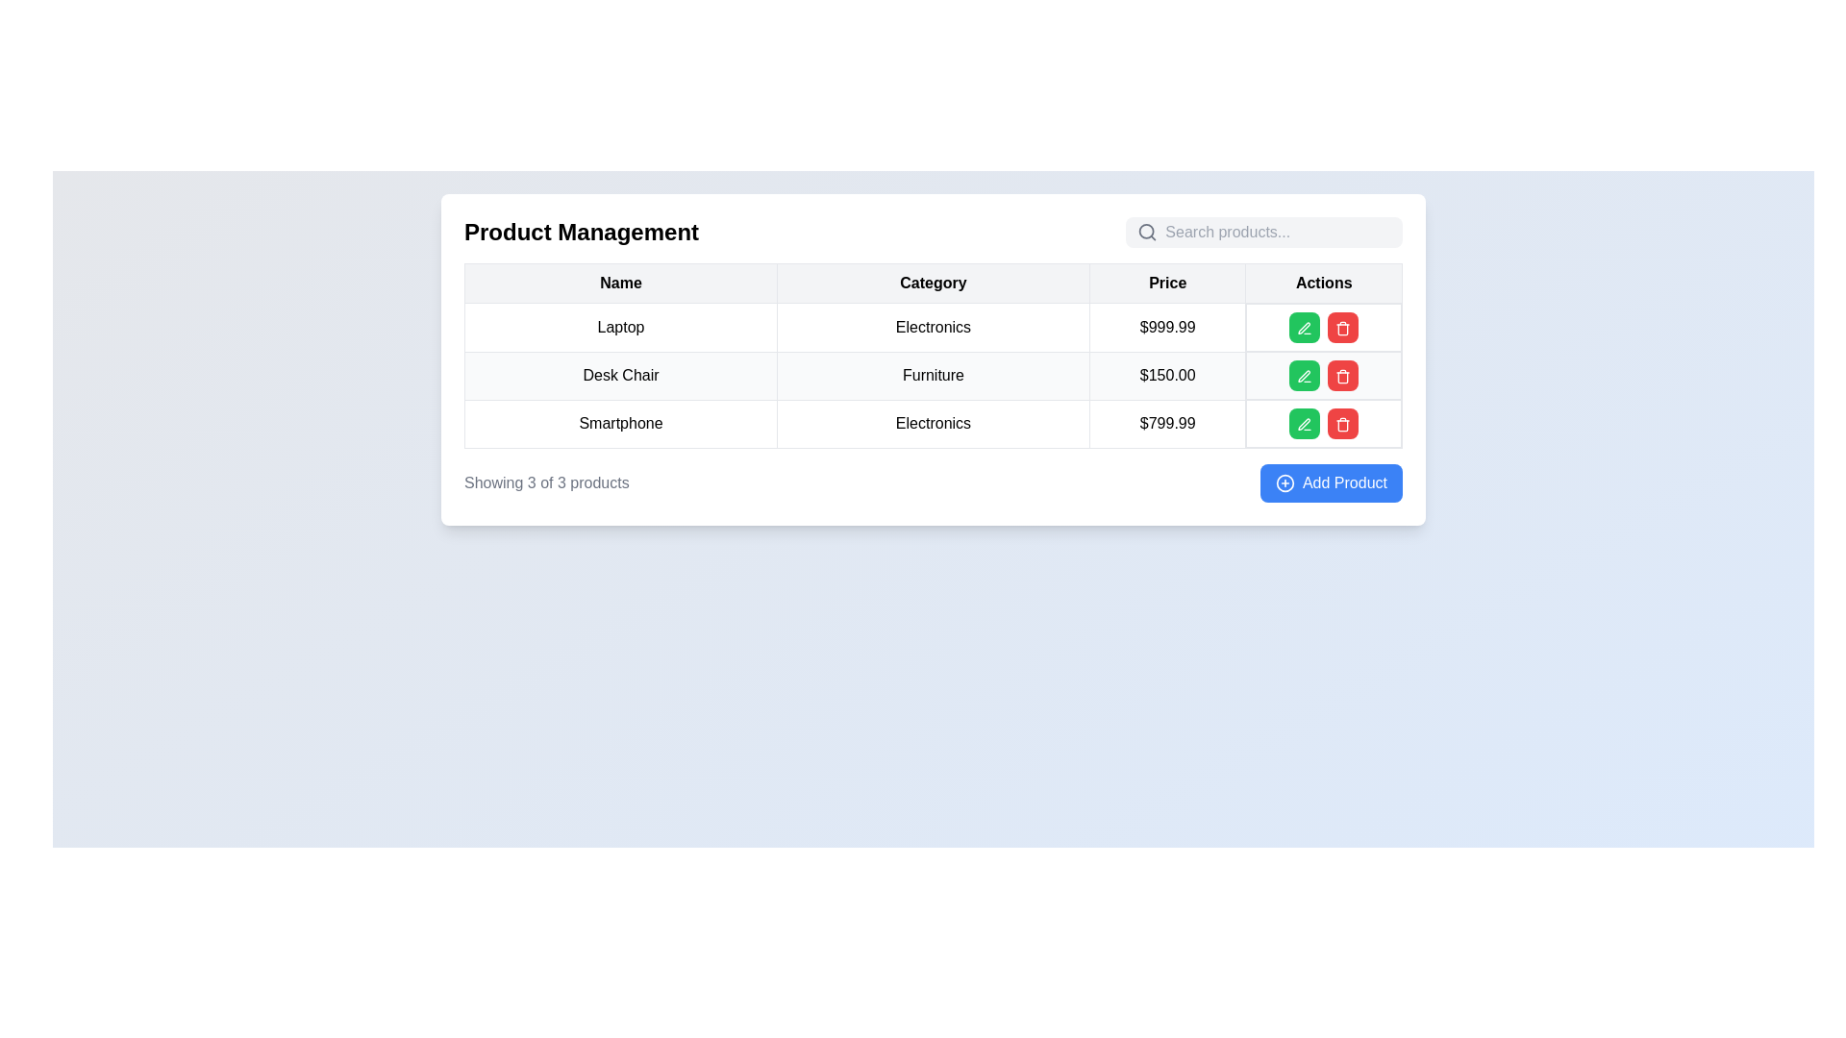 The height and width of the screenshot is (1038, 1846). What do you see at coordinates (1341, 326) in the screenshot?
I see `the red trash icon in the 'Actions' column of the third row of the table to initiate a delete action` at bounding box center [1341, 326].